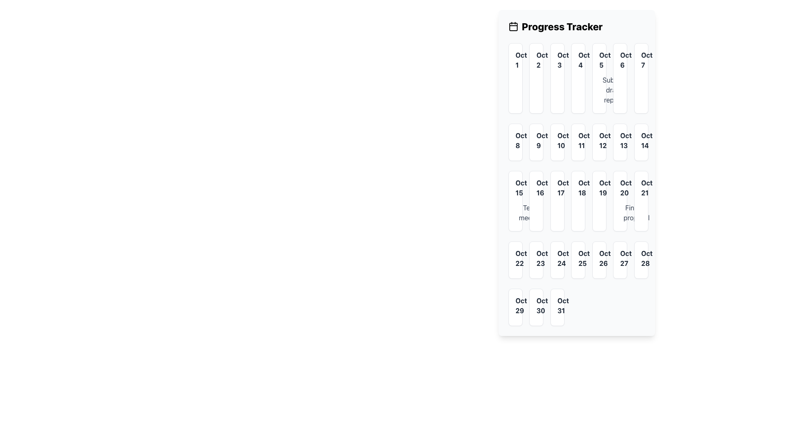 The width and height of the screenshot is (797, 448). Describe the element at coordinates (515, 260) in the screenshot. I see `the calendar day element representing the date 'October 22'` at that location.